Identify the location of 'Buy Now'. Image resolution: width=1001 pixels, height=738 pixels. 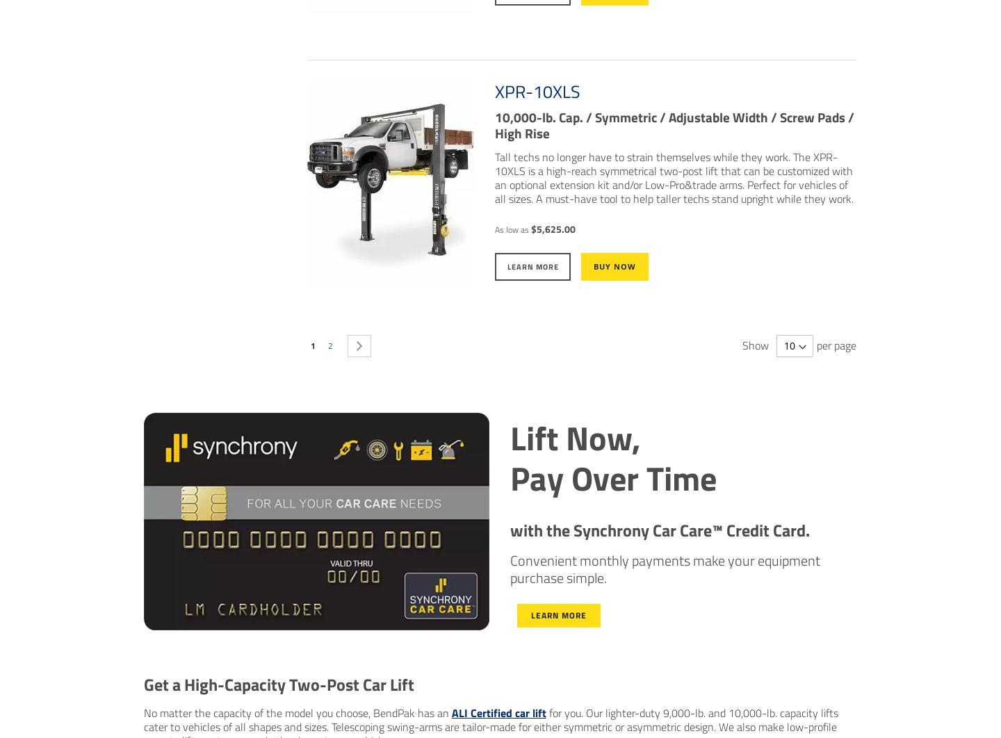
(614, 265).